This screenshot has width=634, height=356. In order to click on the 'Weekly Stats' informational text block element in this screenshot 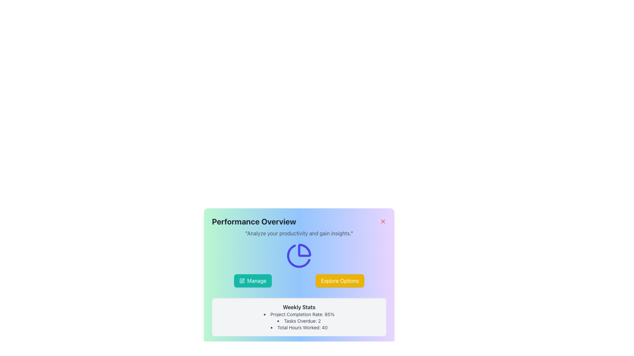, I will do `click(299, 316)`.